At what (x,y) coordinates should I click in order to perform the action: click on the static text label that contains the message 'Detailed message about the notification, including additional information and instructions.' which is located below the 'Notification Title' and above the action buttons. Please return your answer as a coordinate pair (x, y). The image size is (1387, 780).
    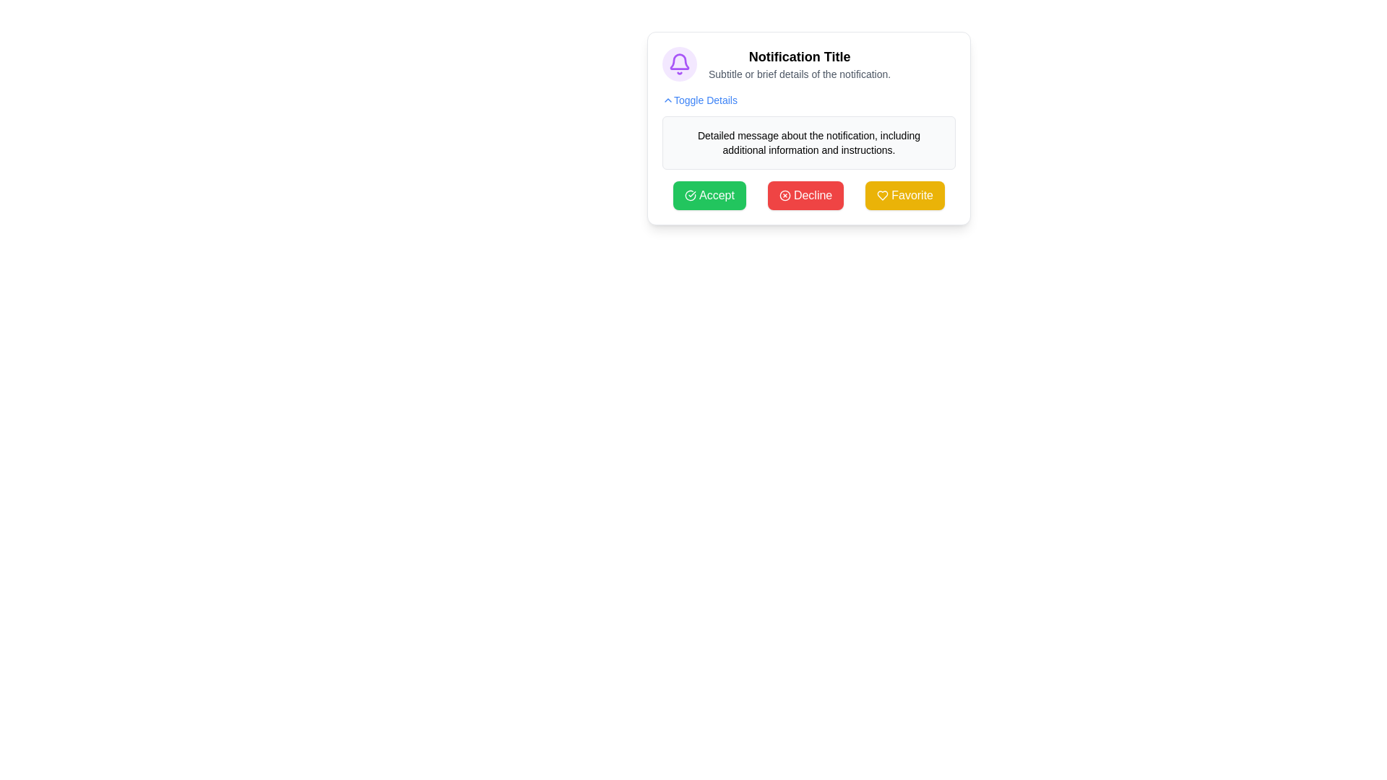
    Looking at the image, I should click on (808, 142).